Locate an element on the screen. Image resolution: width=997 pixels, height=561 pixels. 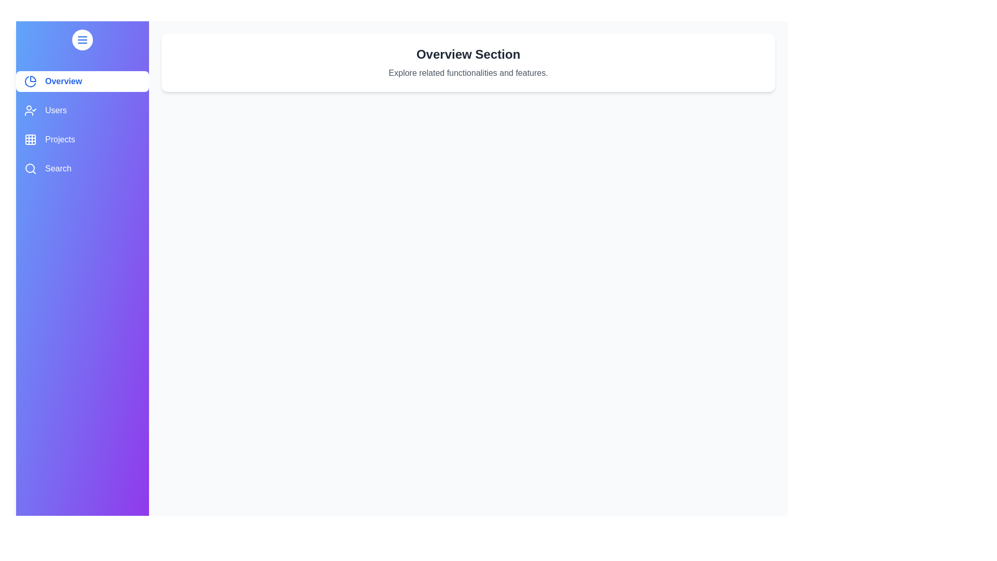
the sidebar item labeled Projects to view its hover effect is located at coordinates (82, 139).